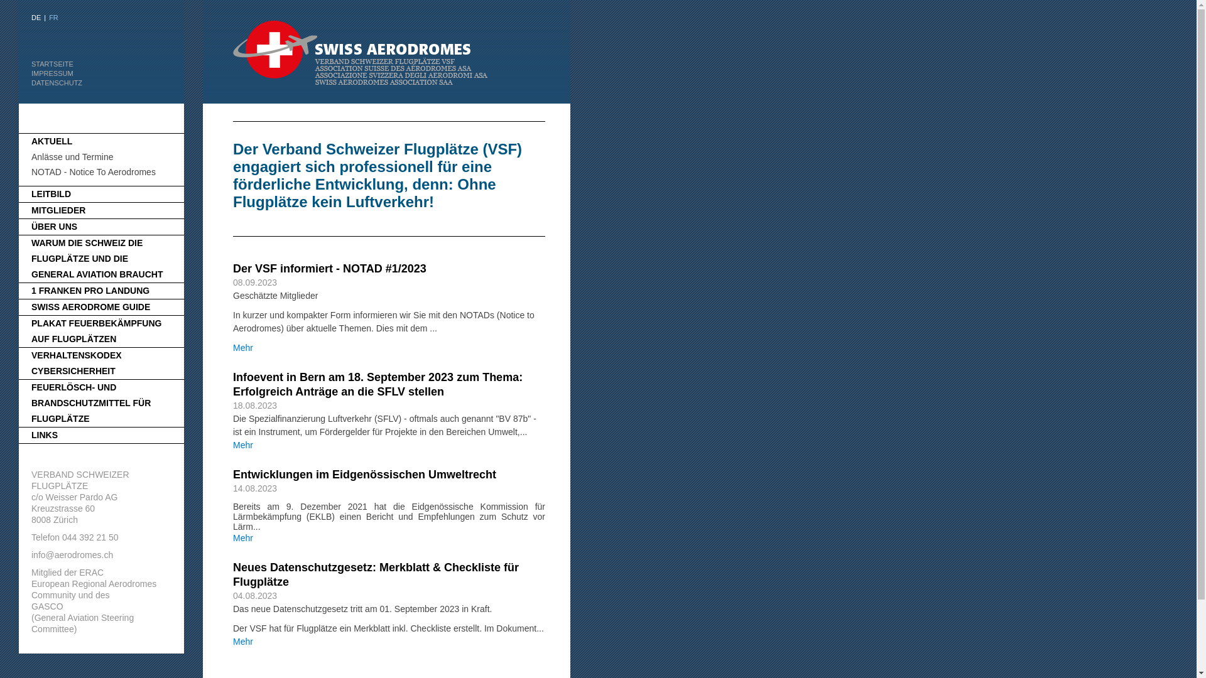 This screenshot has height=678, width=1206. I want to click on '044 392 21 50', so click(90, 537).